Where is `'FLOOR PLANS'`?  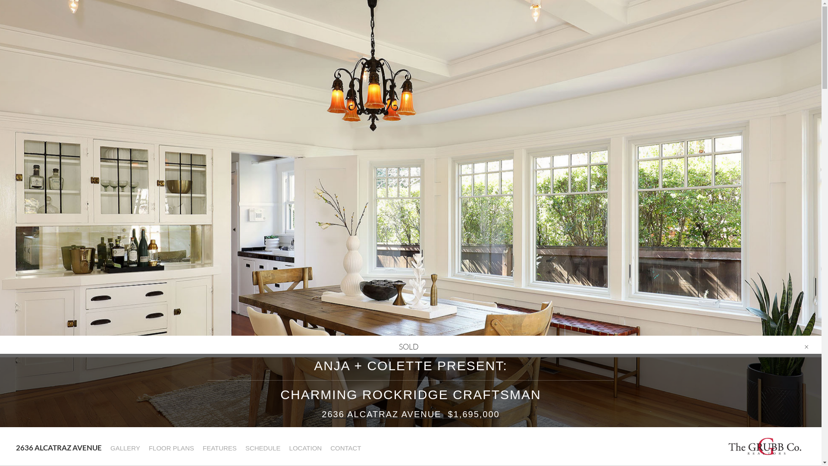
'FLOOR PLANS' is located at coordinates (144, 447).